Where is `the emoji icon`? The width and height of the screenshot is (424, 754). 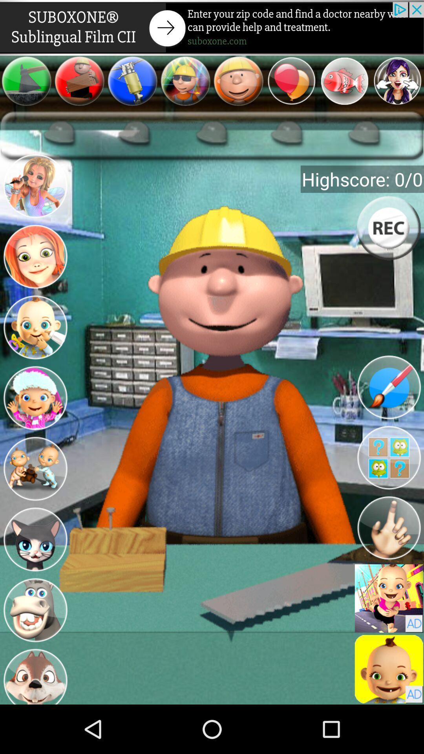
the emoji icon is located at coordinates (238, 86).